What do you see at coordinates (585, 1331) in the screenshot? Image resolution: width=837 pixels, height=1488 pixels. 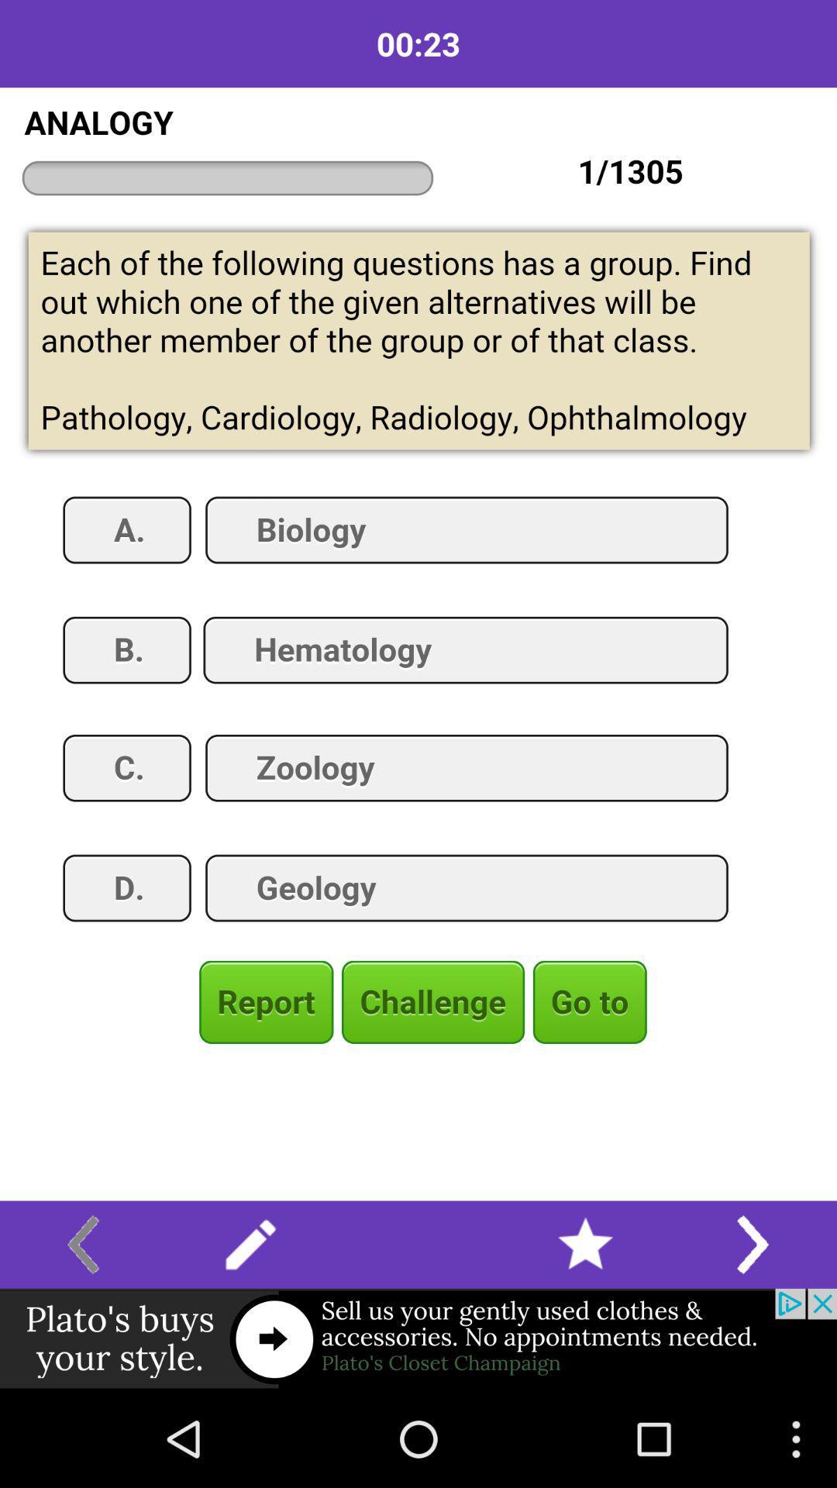 I see `the star icon` at bounding box center [585, 1331].